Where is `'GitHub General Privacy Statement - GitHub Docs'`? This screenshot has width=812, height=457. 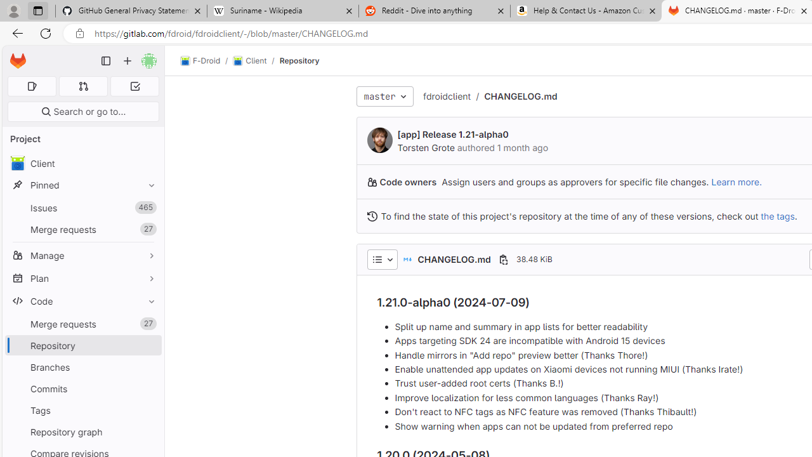
'GitHub General Privacy Statement - GitHub Docs' is located at coordinates (131, 11).